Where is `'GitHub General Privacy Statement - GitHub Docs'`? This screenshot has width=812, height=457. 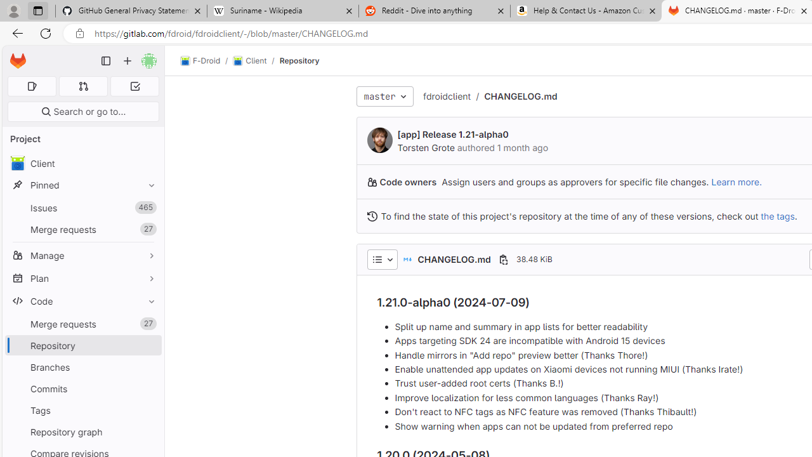
'GitHub General Privacy Statement - GitHub Docs' is located at coordinates (131, 11).